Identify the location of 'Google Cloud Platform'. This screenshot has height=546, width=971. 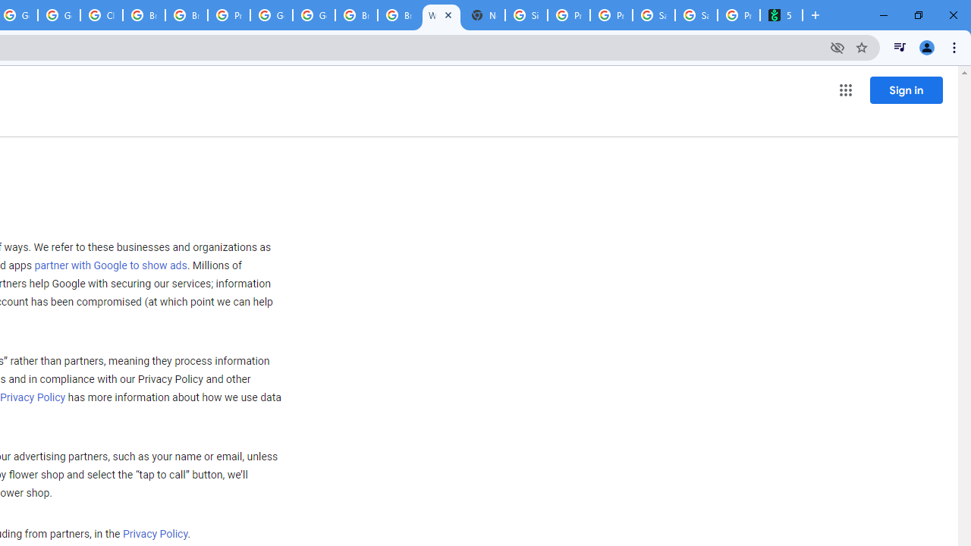
(313, 15).